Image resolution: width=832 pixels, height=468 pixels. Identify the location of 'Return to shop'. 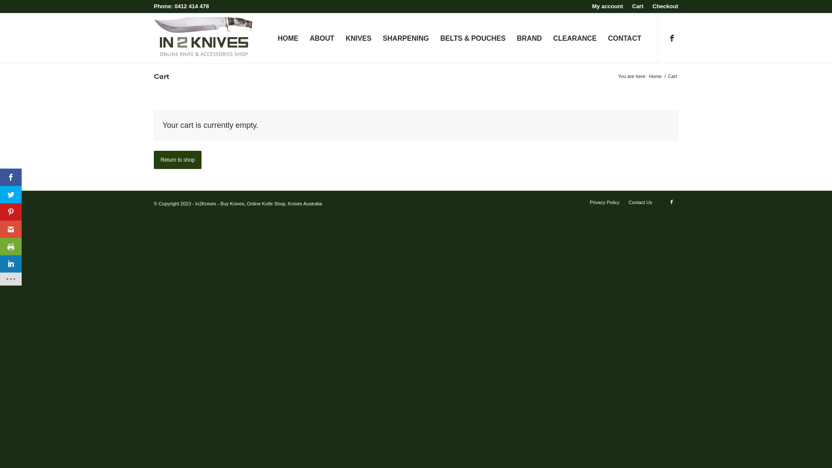
(154, 160).